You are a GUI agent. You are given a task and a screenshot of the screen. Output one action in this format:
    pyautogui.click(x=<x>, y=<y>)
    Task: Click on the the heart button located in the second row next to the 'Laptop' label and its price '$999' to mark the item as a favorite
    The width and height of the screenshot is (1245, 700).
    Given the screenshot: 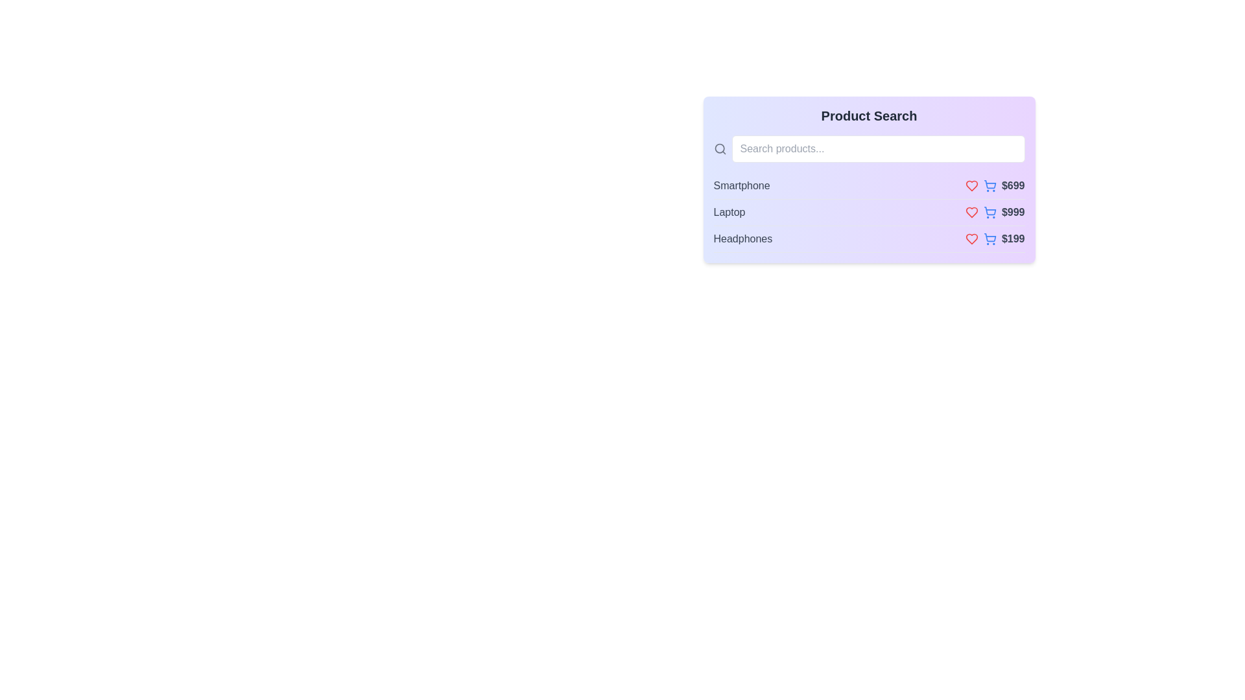 What is the action you would take?
    pyautogui.click(x=971, y=211)
    